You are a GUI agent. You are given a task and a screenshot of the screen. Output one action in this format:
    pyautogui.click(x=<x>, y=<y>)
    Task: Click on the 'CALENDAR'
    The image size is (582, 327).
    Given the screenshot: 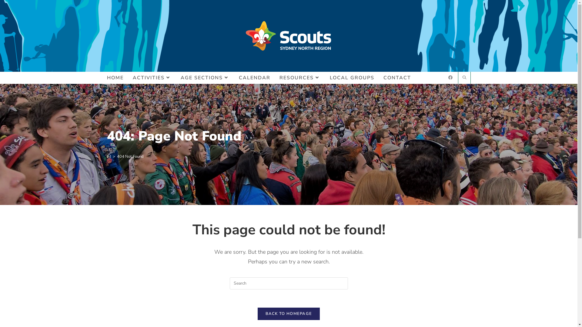 What is the action you would take?
    pyautogui.click(x=254, y=78)
    